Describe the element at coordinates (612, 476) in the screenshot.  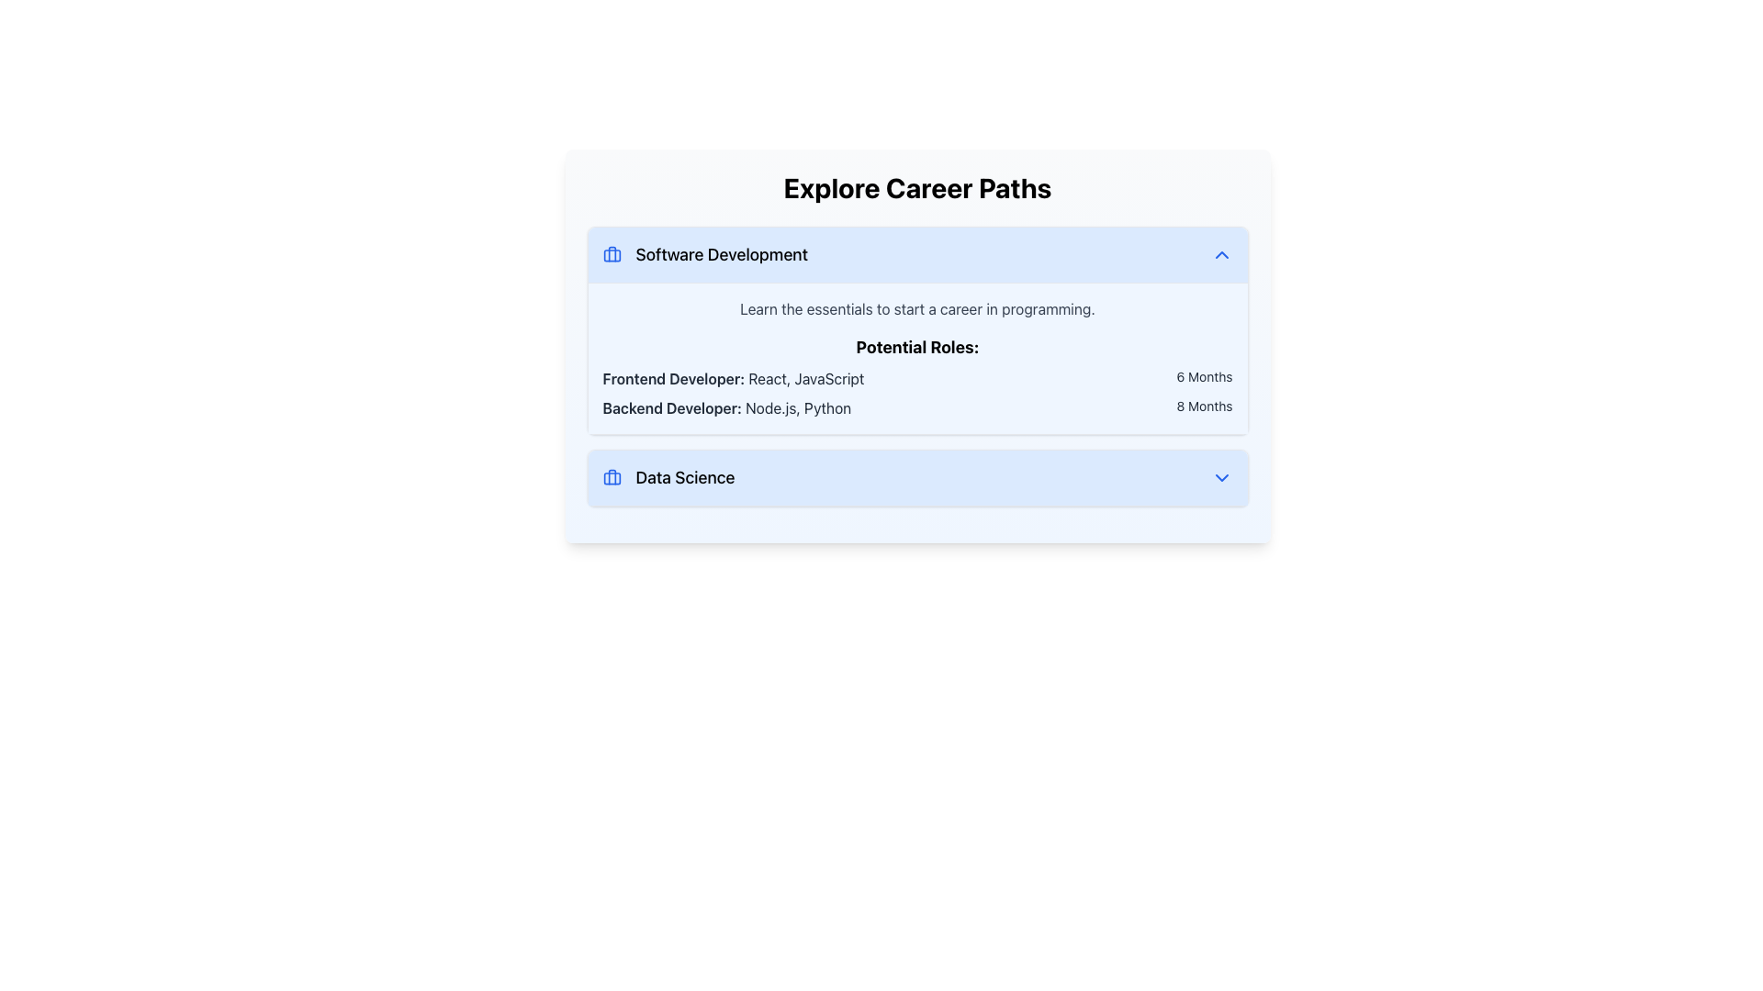
I see `the 'Data Science' icon that visually represents the concept of Data Science, located at the start of the horizontally aligned group of elements, preceding the label 'Data Science'` at that location.